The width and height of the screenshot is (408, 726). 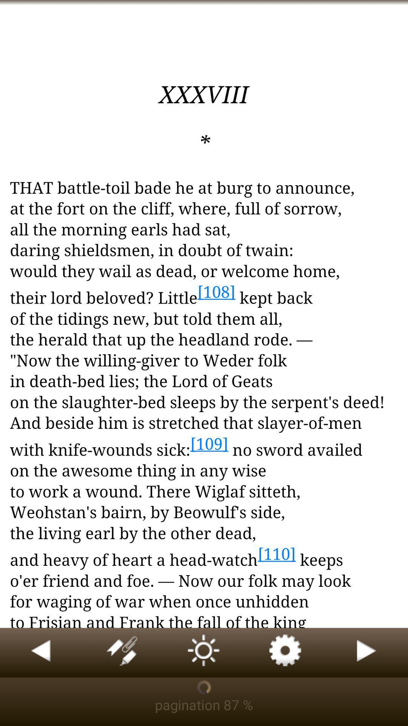 I want to click on book reader, so click(x=367, y=652).